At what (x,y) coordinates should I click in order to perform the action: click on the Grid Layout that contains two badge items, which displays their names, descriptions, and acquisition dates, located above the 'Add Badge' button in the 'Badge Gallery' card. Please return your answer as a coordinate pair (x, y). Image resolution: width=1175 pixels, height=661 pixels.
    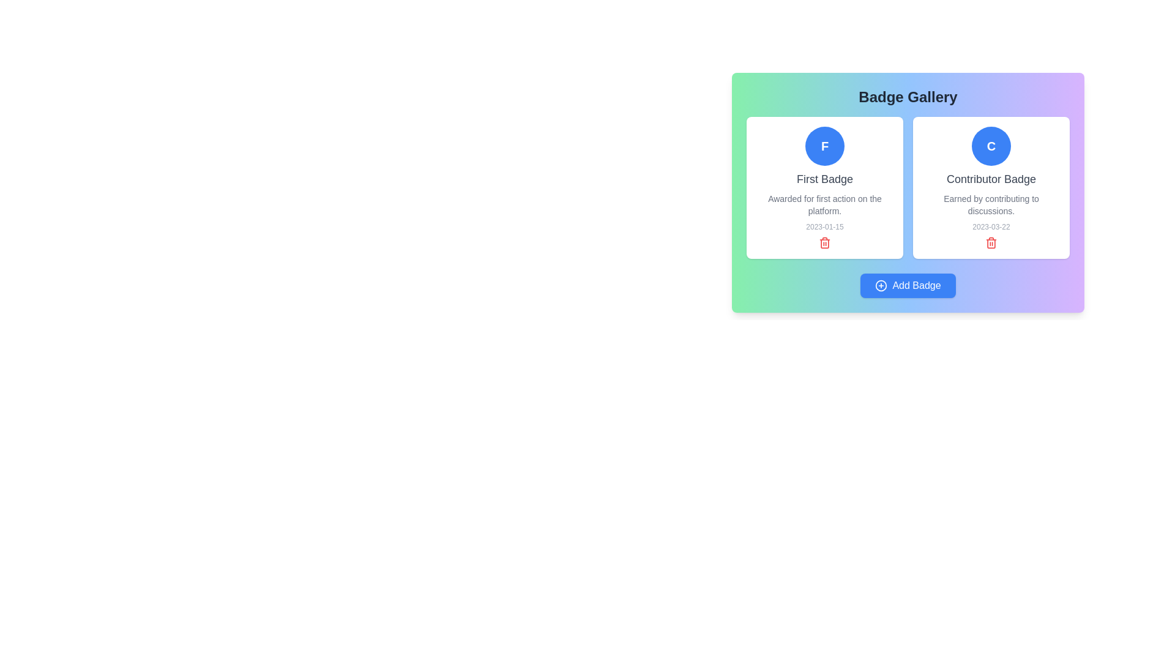
    Looking at the image, I should click on (908, 188).